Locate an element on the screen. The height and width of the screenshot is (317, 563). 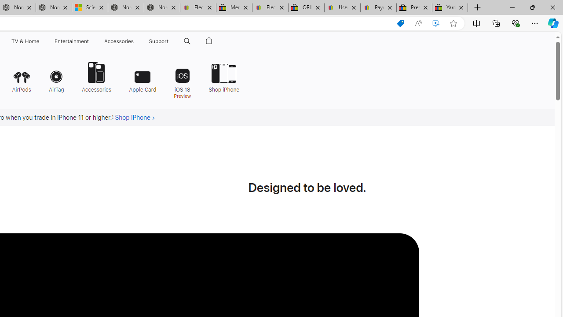
'Nordace - FAQ' is located at coordinates (162, 7).